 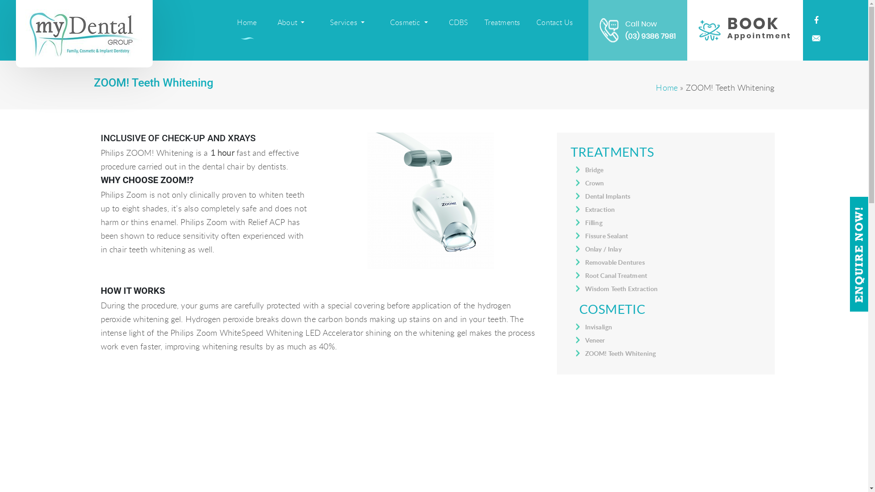 What do you see at coordinates (745, 30) in the screenshot?
I see `'BOOK` at bounding box center [745, 30].